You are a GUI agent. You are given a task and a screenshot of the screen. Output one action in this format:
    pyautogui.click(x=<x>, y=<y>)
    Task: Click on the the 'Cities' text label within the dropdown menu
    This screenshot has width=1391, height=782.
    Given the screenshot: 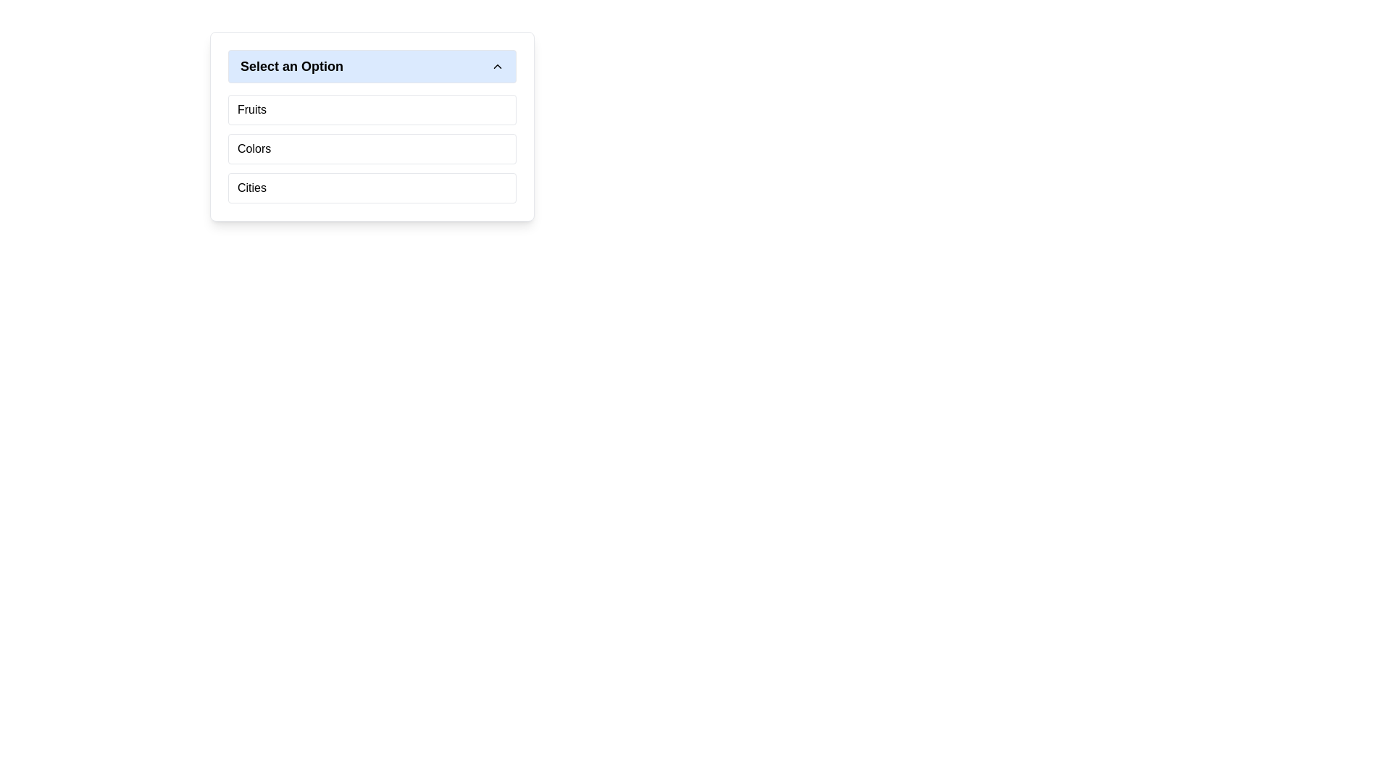 What is the action you would take?
    pyautogui.click(x=252, y=187)
    